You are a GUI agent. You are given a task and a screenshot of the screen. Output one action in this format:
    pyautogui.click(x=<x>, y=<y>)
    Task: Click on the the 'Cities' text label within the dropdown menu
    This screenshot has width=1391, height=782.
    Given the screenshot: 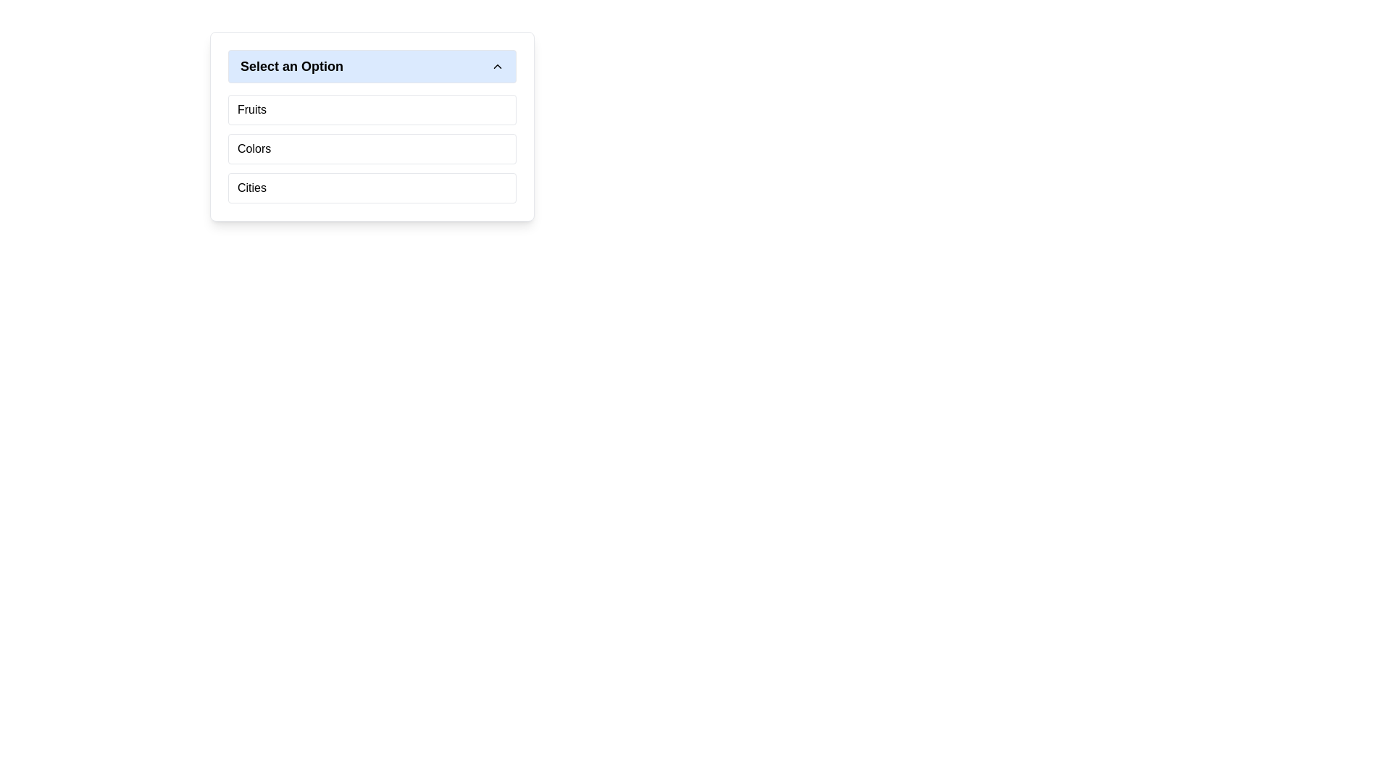 What is the action you would take?
    pyautogui.click(x=252, y=187)
    